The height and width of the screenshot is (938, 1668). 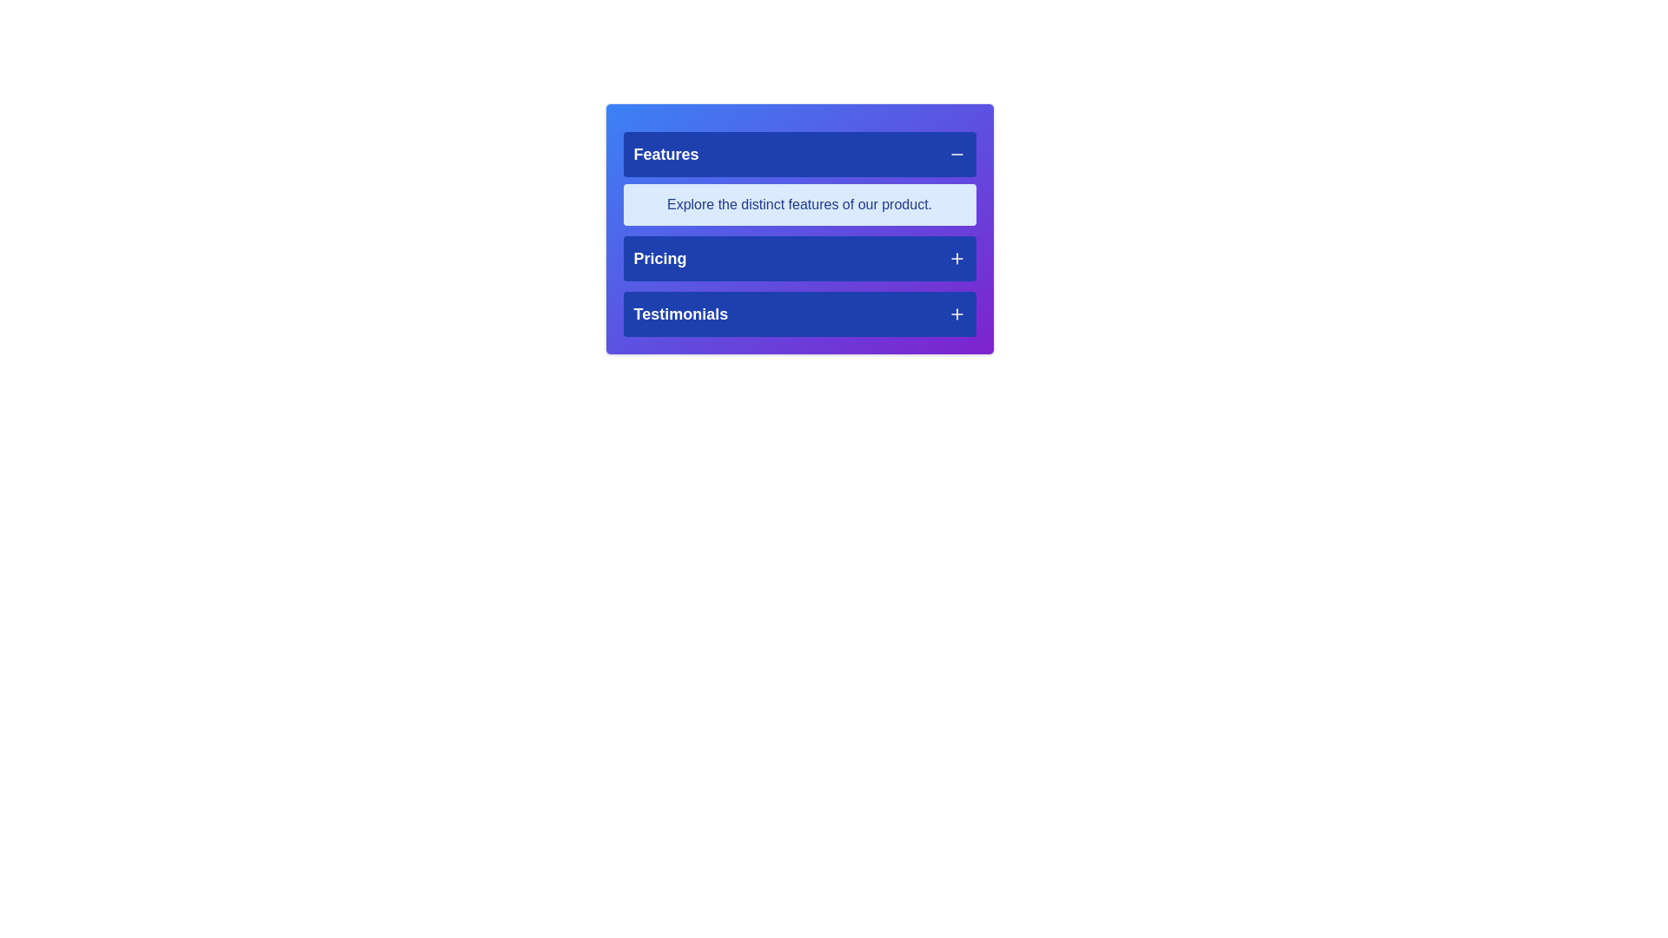 I want to click on the Icon (Minus Sign) located at the top right corner of the 'Features' section to trigger any hover effects, so click(x=956, y=153).